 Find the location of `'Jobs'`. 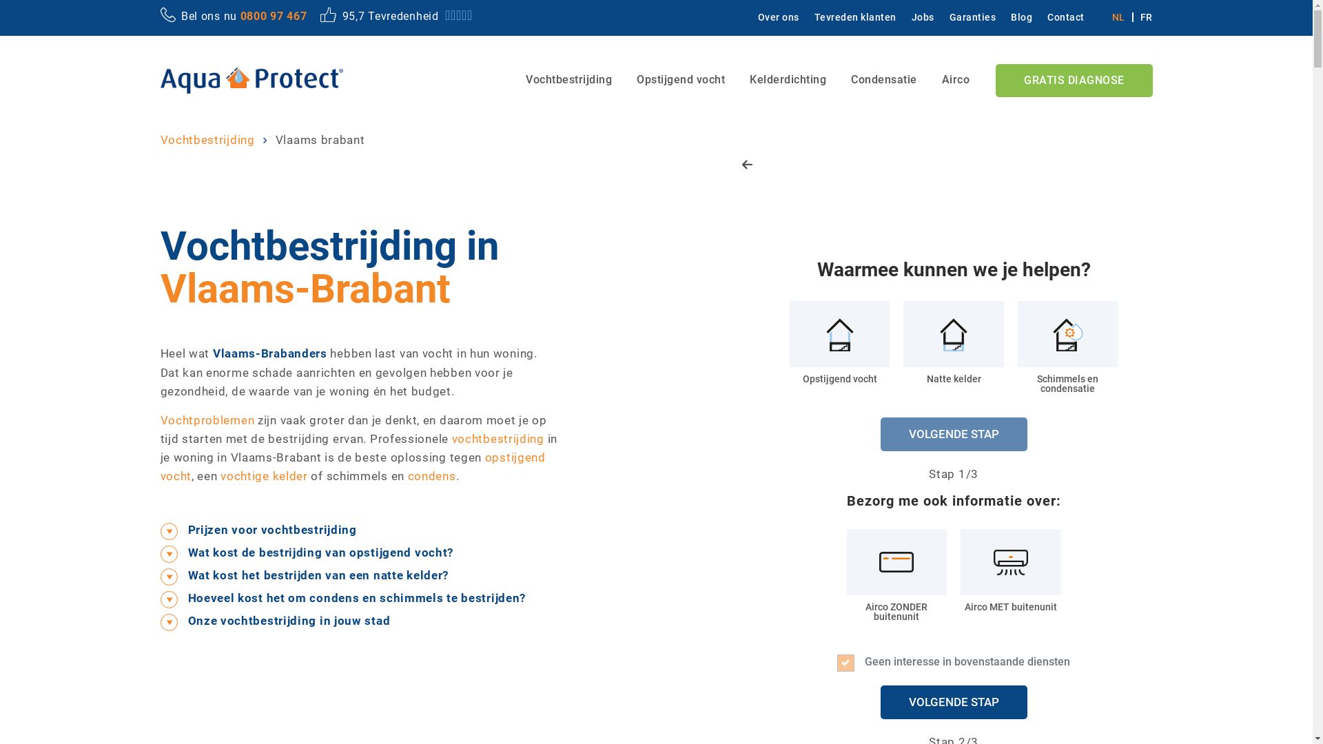

'Jobs' is located at coordinates (919, 17).